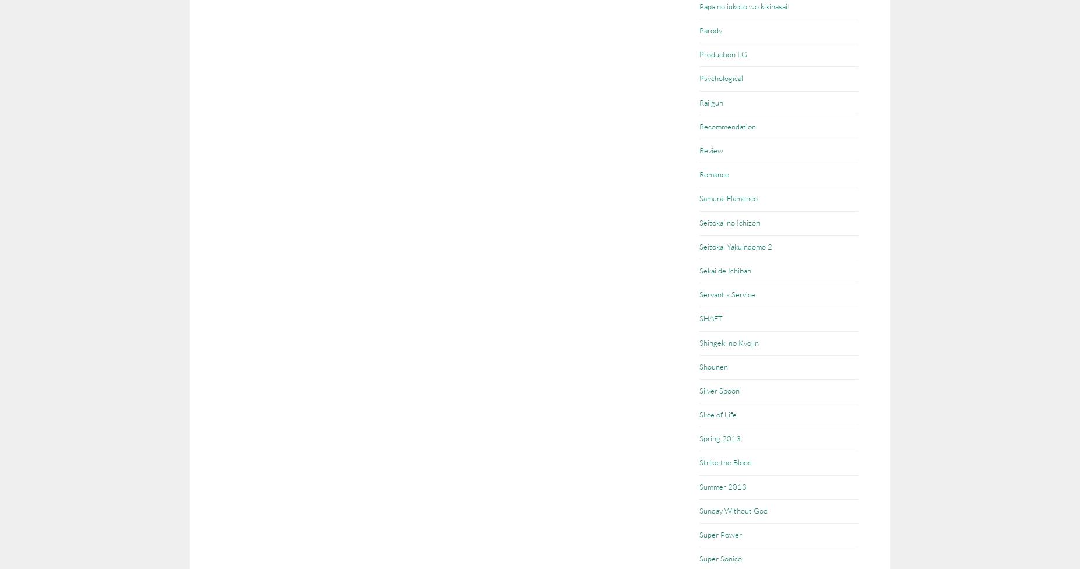 Image resolution: width=1080 pixels, height=569 pixels. Describe the element at coordinates (744, 5) in the screenshot. I see `'Papa no iukoto wo kikinasai!'` at that location.